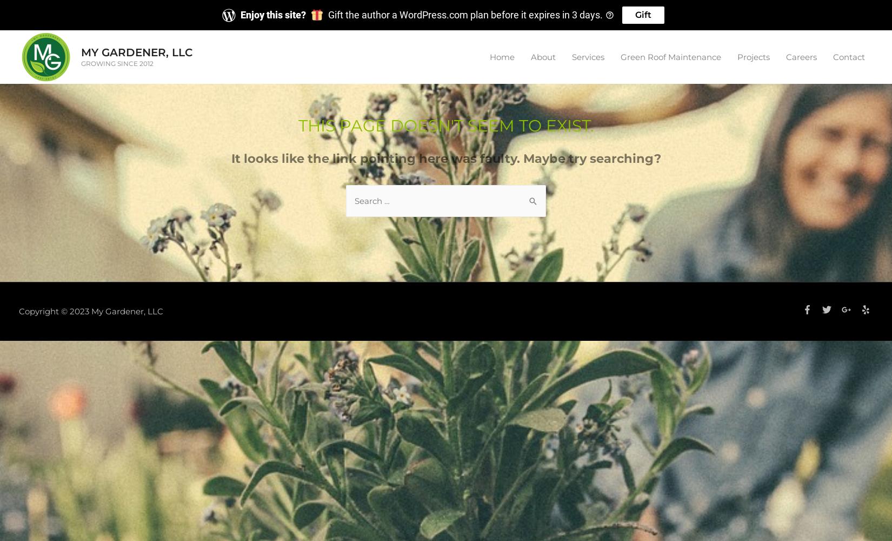 This screenshot has width=892, height=541. I want to click on 'Projects', so click(753, 56).